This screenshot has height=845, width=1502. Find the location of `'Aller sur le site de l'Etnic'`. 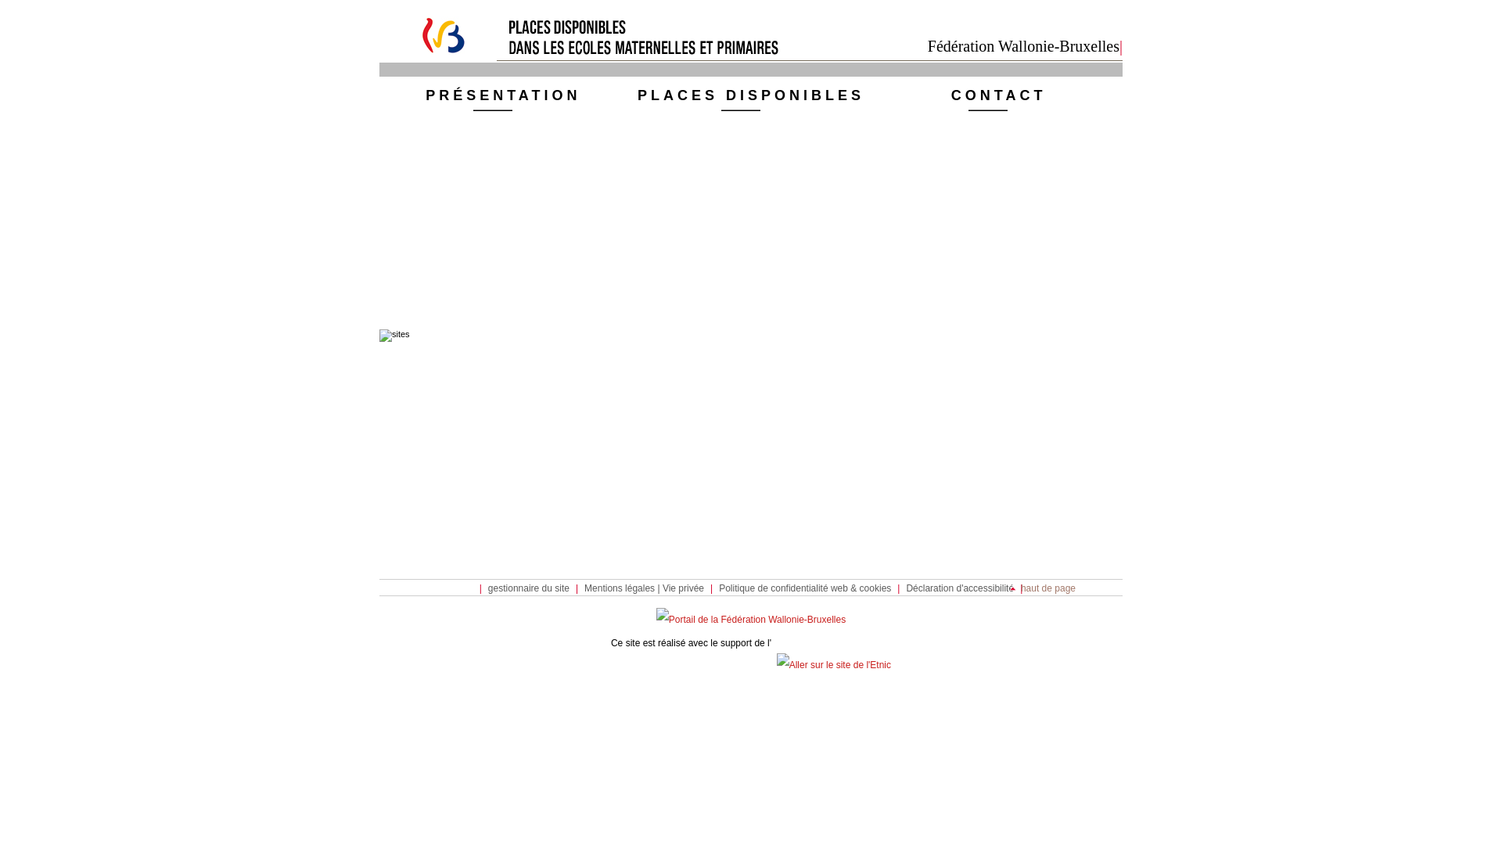

'Aller sur le site de l'Etnic' is located at coordinates (777, 664).